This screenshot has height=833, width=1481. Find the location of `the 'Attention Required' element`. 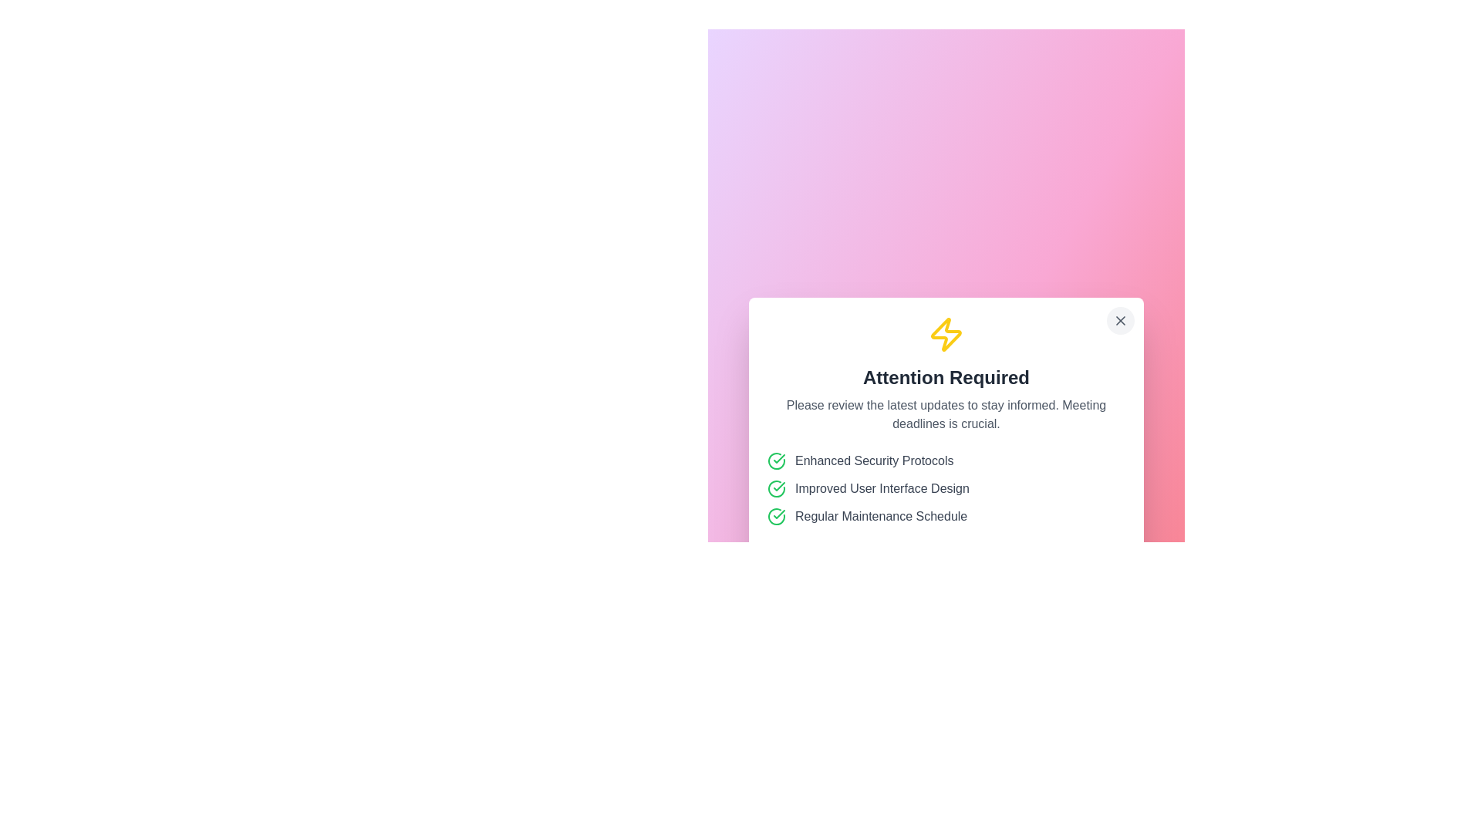

the 'Attention Required' element is located at coordinates (946, 375).